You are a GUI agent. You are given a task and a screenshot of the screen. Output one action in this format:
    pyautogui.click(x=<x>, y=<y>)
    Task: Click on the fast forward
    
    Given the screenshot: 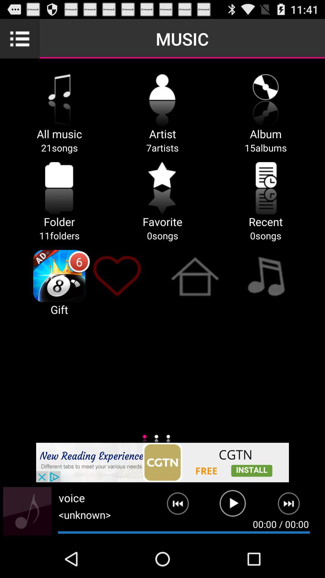 What is the action you would take?
    pyautogui.click(x=292, y=506)
    